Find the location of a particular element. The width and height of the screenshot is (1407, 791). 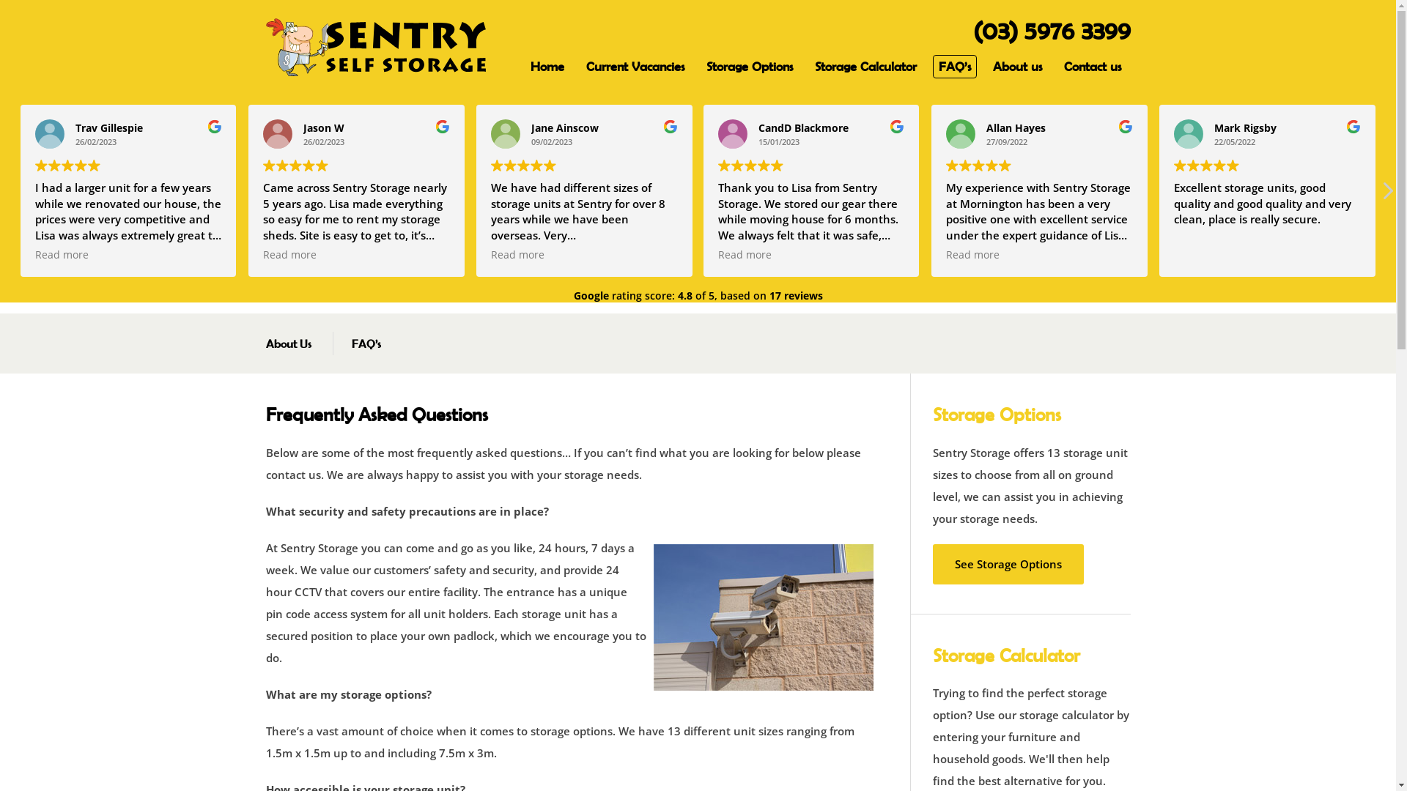

'About us' is located at coordinates (986, 67).